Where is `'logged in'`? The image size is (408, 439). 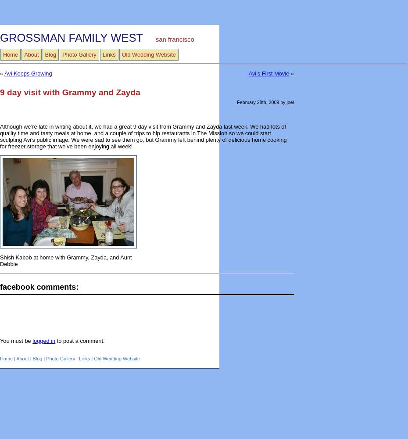
'logged in' is located at coordinates (43, 340).